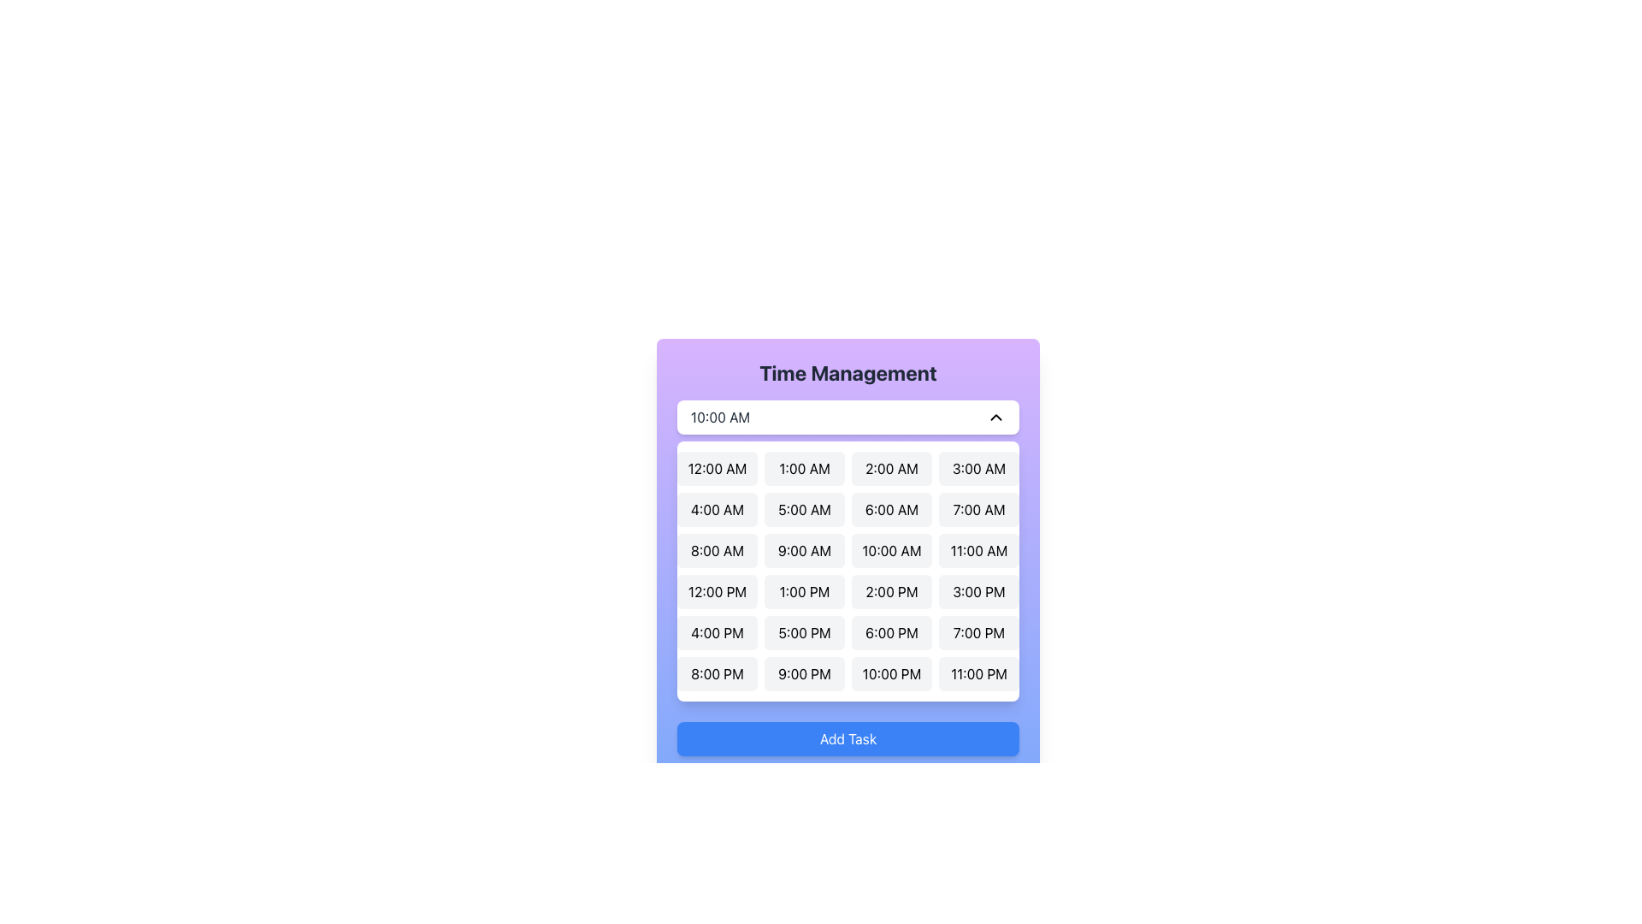 The height and width of the screenshot is (924, 1642). I want to click on the button labeled '6:00 PM', which is a rectangular button with rounded corners, so click(890, 633).